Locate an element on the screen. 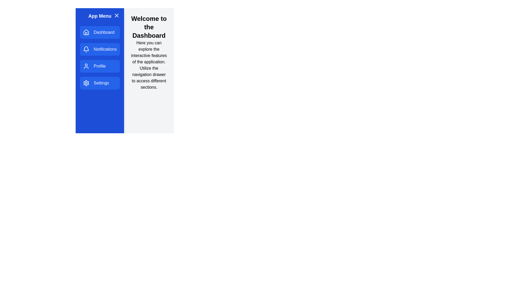 Image resolution: width=508 pixels, height=285 pixels. the 'Profile' menu icon, which is the third element in the vertical navigation menu on the left, before the 'Profile' label is located at coordinates (86, 66).